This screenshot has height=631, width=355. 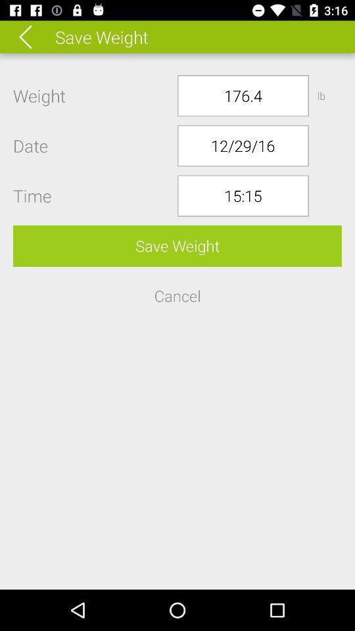 I want to click on the app next to save weight app, so click(x=34, y=36).